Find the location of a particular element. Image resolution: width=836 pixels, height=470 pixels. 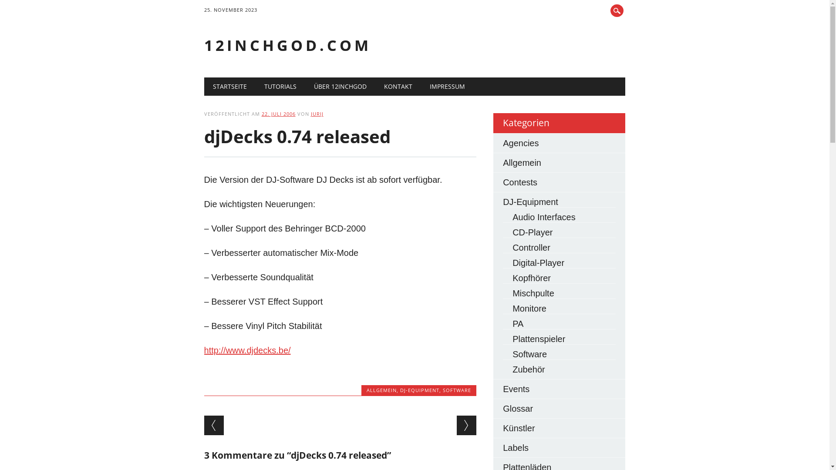

'ALLGEMEIN' is located at coordinates (381, 389).